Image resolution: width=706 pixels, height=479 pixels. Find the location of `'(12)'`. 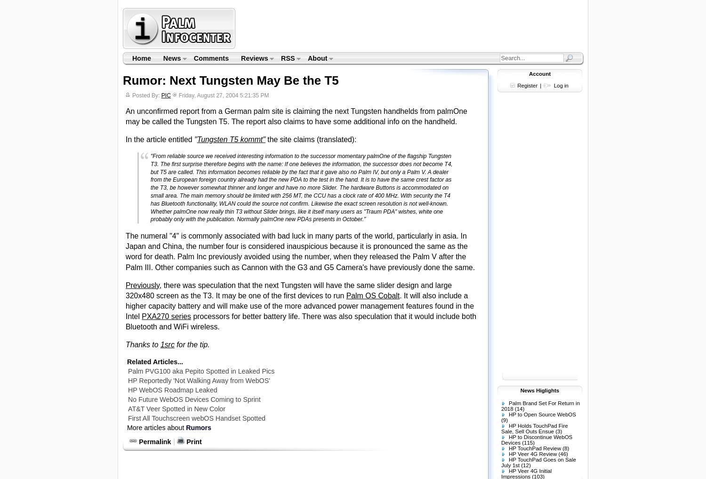

'(12)' is located at coordinates (525, 465).